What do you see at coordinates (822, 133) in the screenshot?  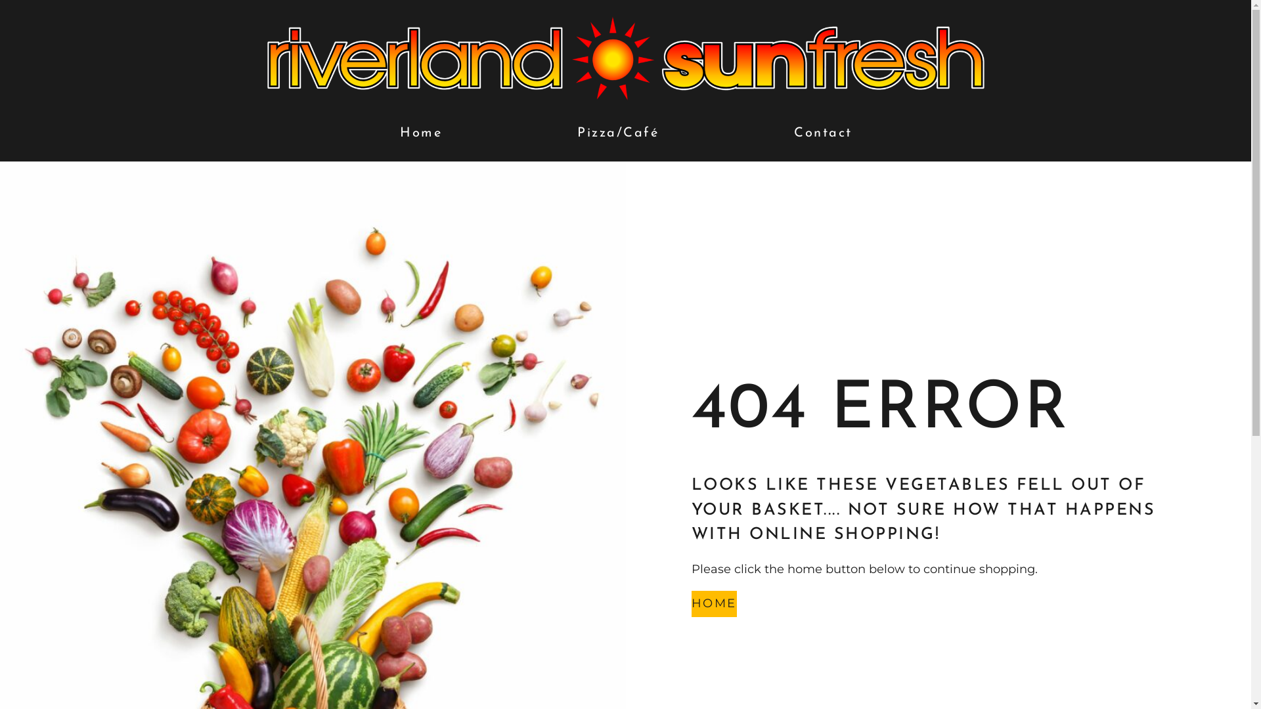 I see `'Contact'` at bounding box center [822, 133].